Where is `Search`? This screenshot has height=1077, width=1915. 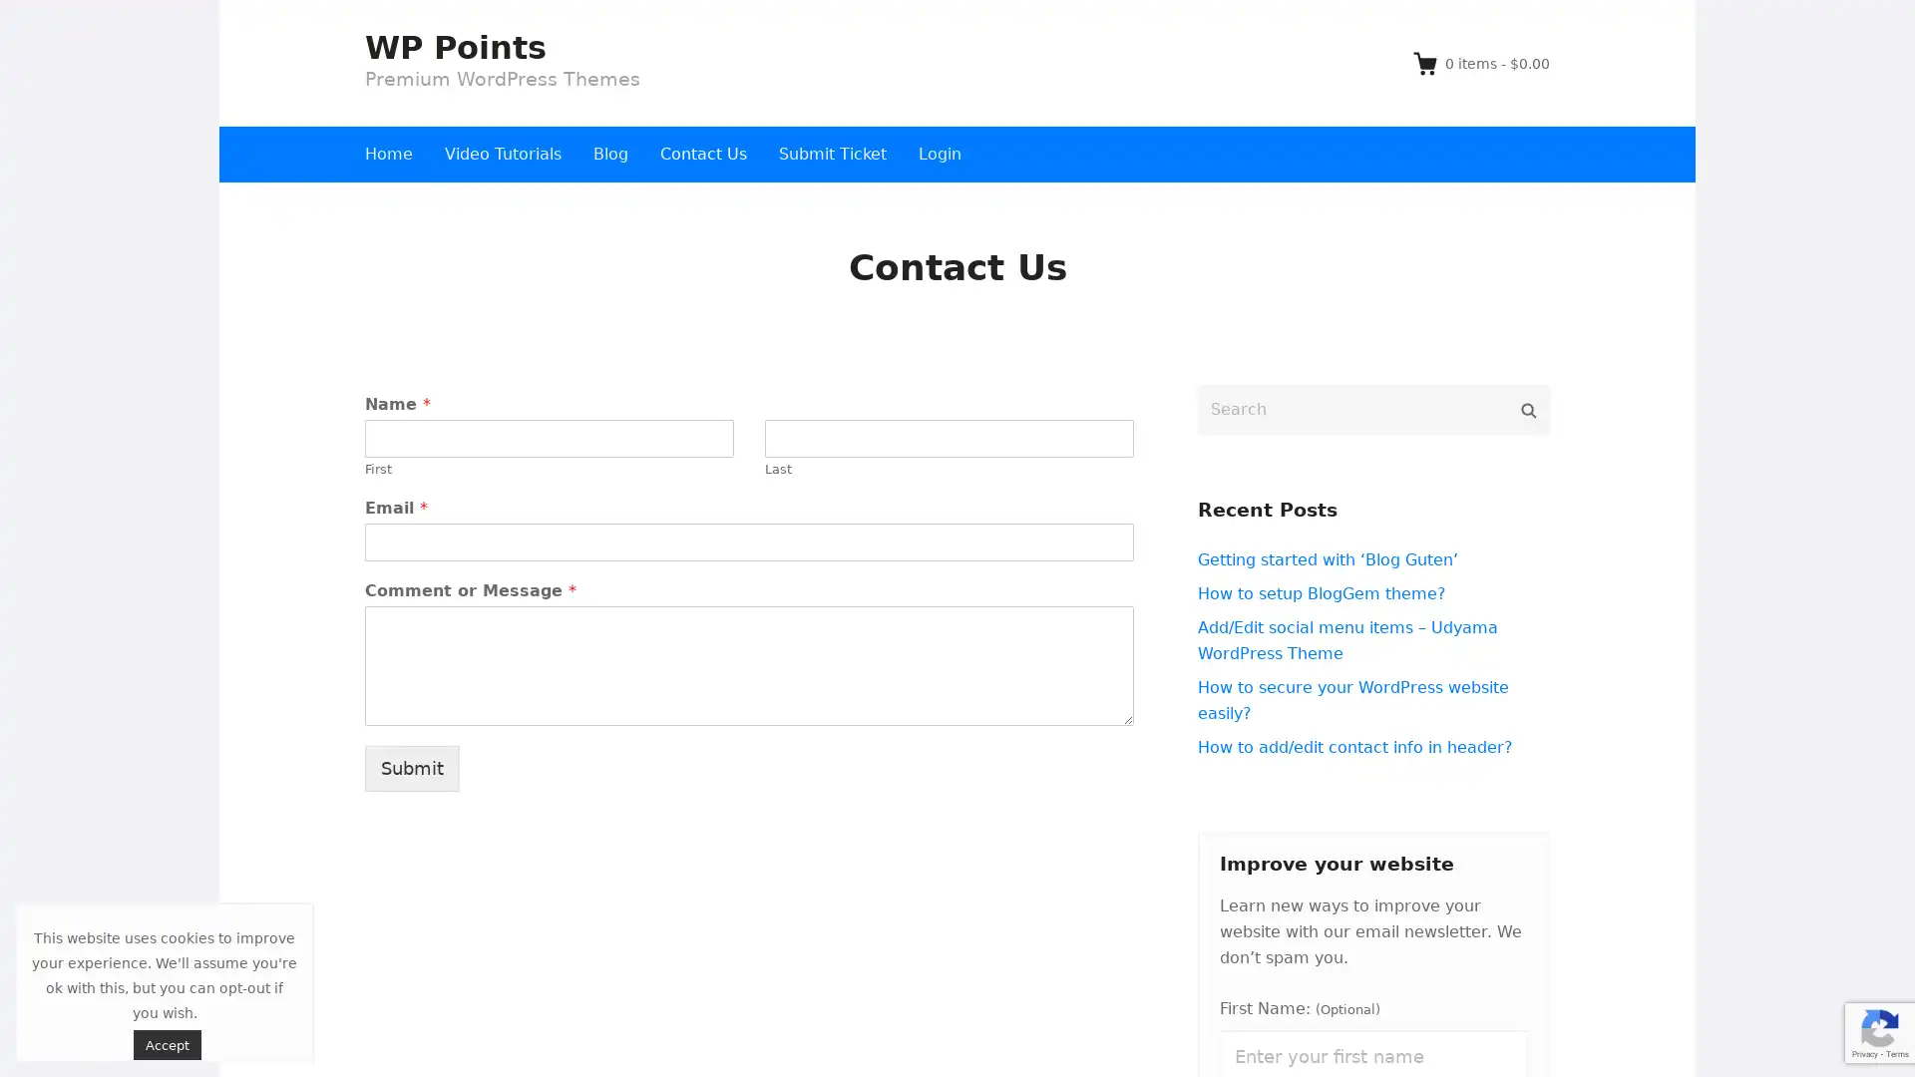 Search is located at coordinates (1527, 409).